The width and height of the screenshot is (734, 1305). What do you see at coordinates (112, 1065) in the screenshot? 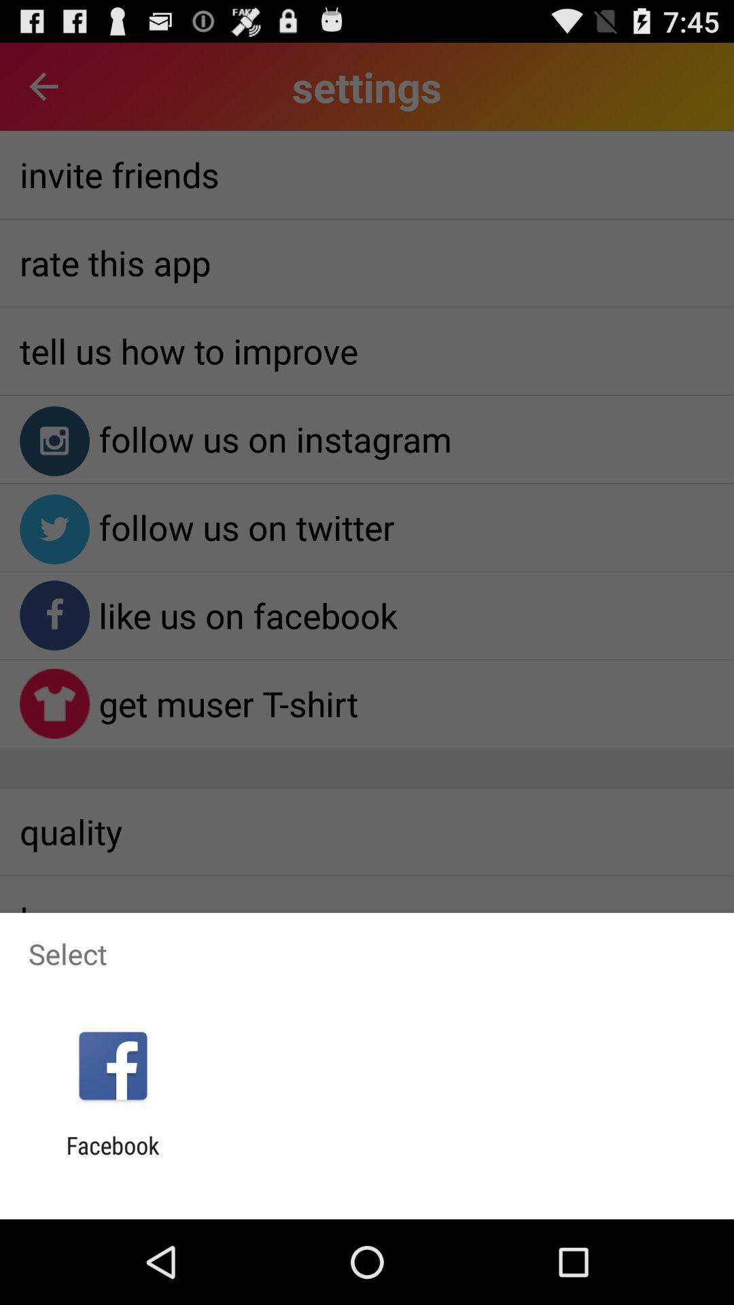
I see `item above the facebook` at bounding box center [112, 1065].